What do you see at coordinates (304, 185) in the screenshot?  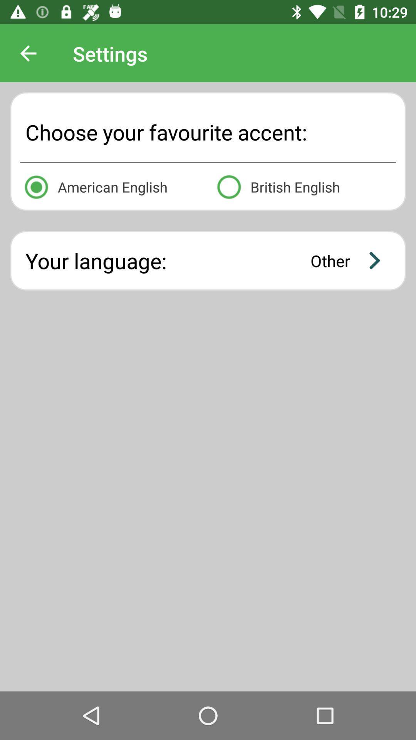 I see `the icon to the right of american english icon` at bounding box center [304, 185].